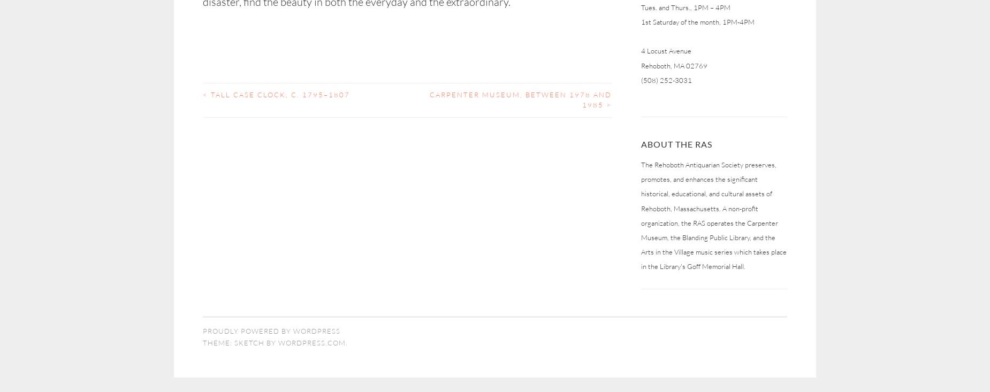 Image resolution: width=990 pixels, height=392 pixels. I want to click on '(508) 252-3031', so click(666, 79).